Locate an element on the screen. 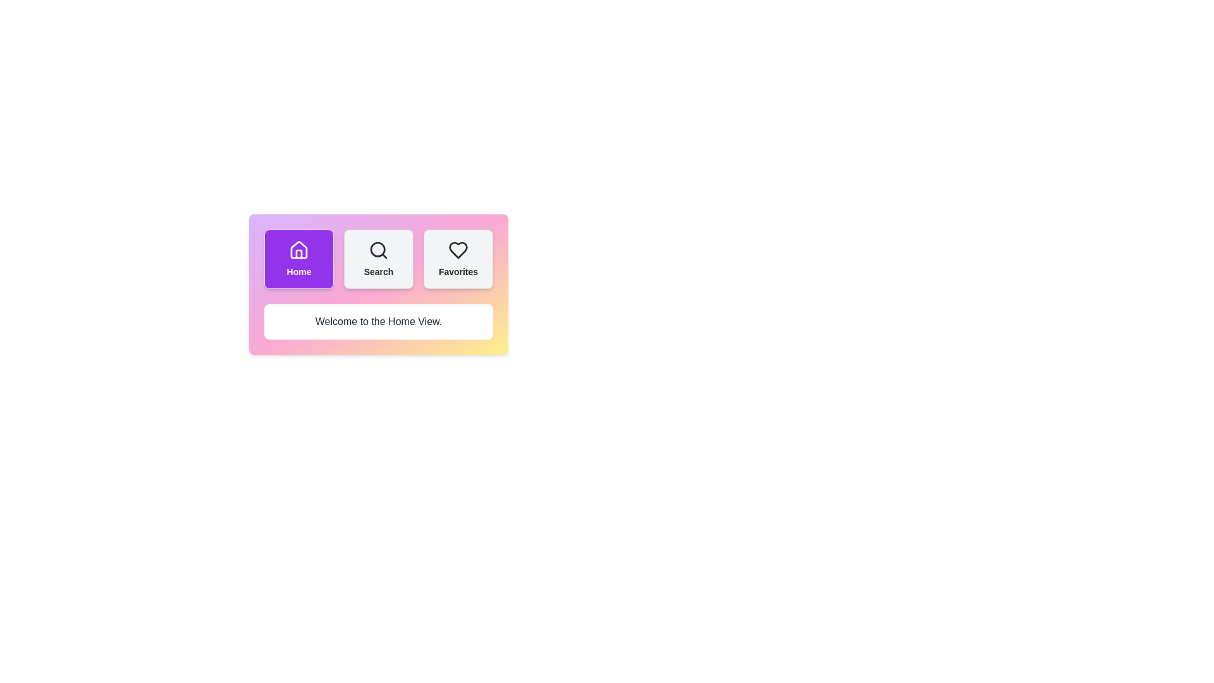  the middle button that accesses the 'Search' functionality, located between the 'Home' and 'Favorites' buttons in a row at the top center of the interface is located at coordinates (378, 258).